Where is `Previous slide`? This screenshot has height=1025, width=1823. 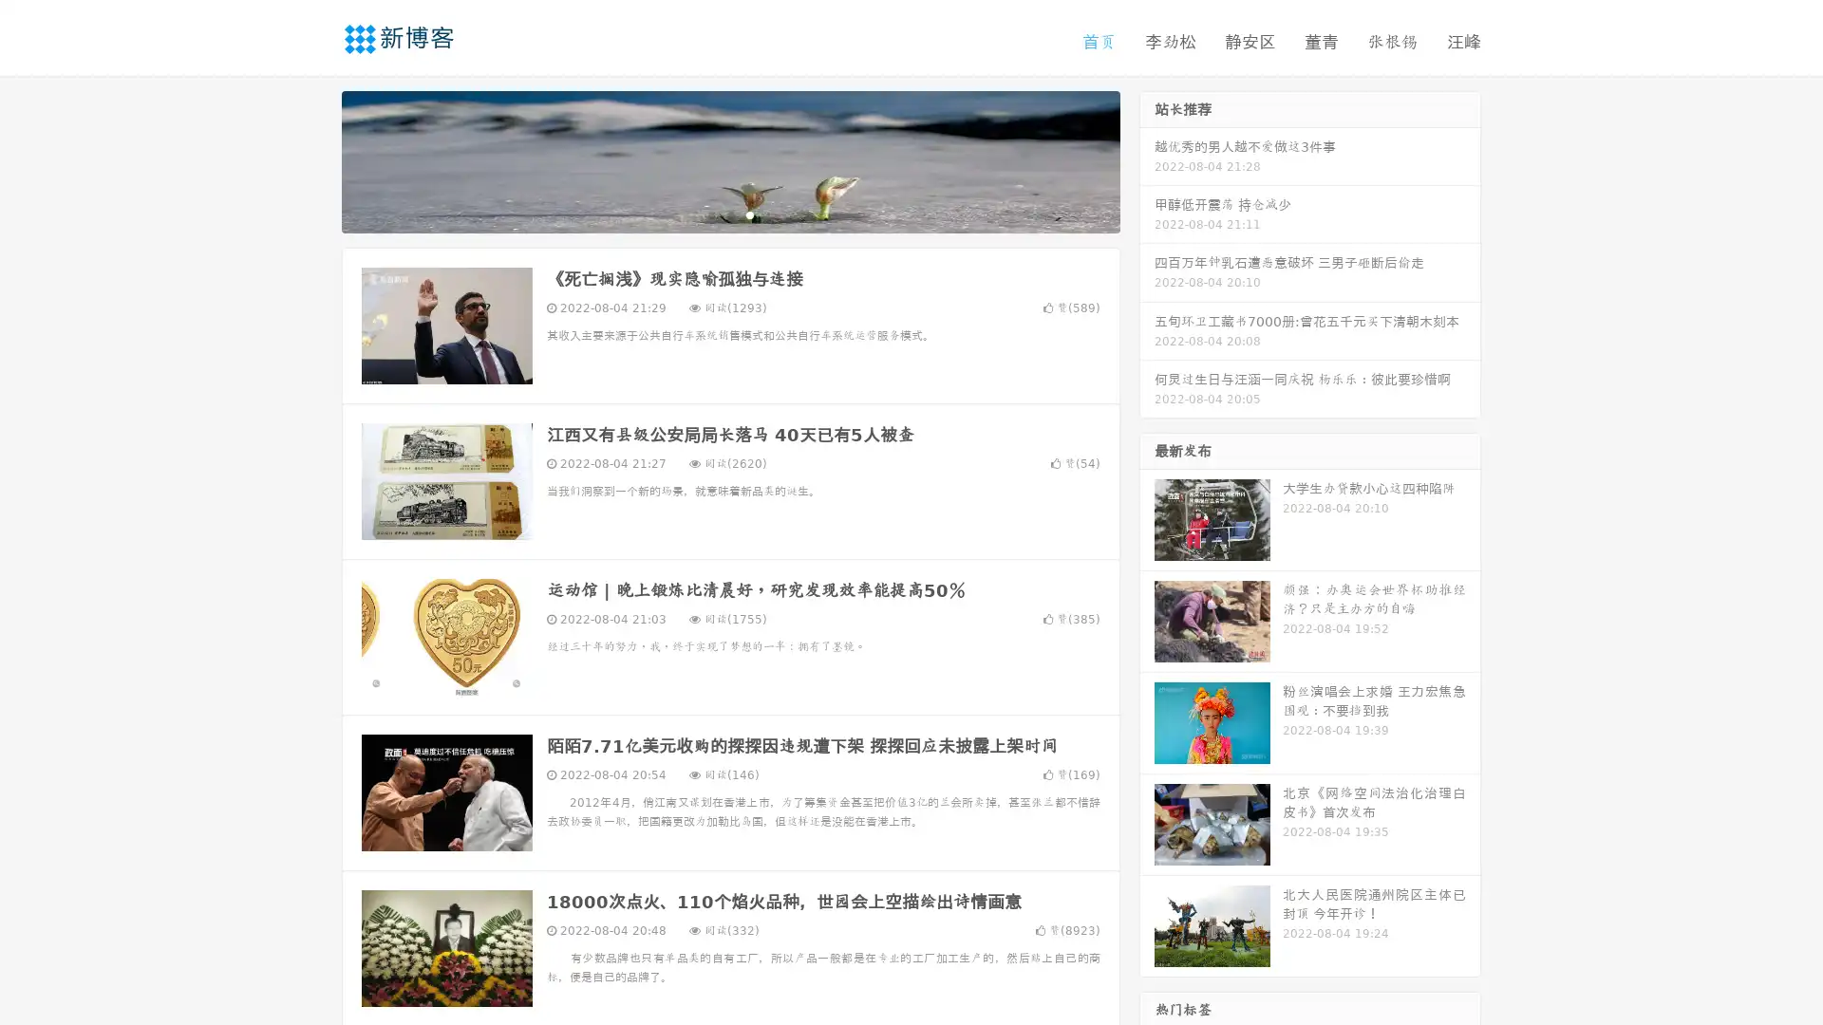
Previous slide is located at coordinates (313, 159).